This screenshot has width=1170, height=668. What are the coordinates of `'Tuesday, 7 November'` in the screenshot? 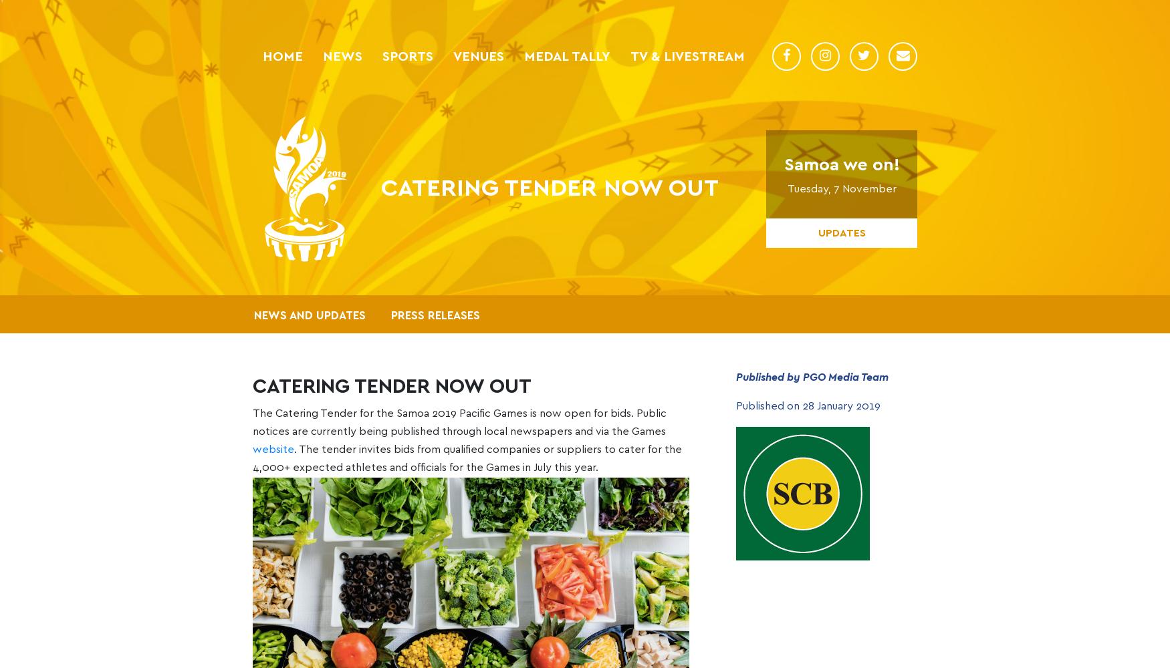 It's located at (840, 188).